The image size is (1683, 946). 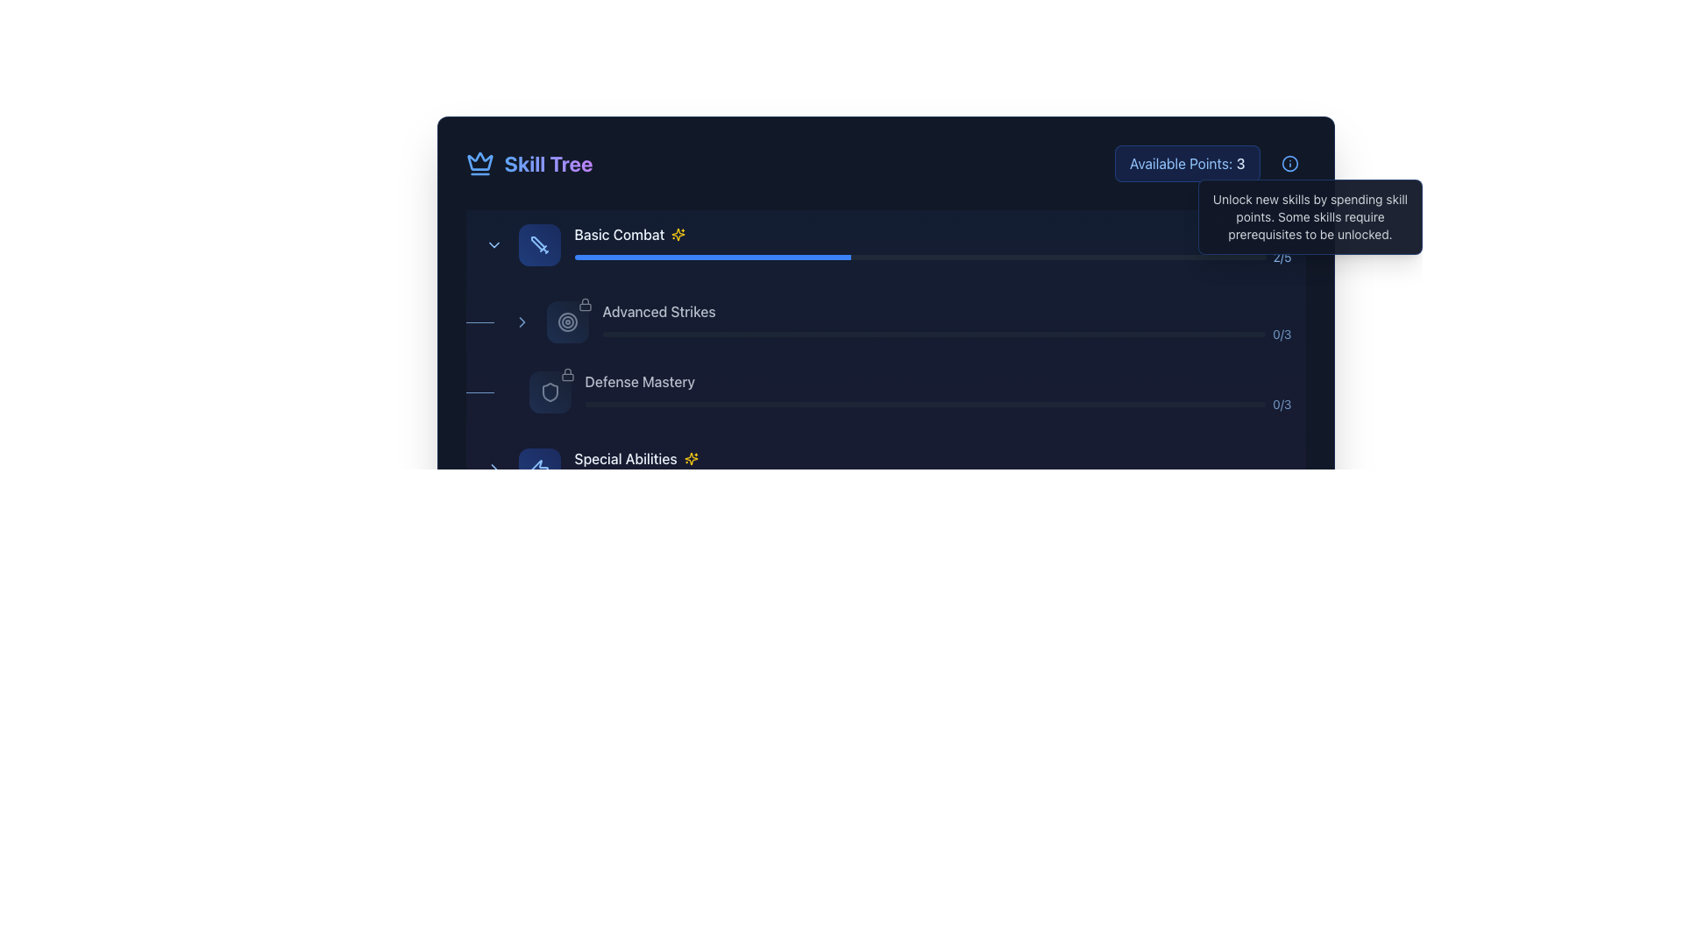 I want to click on the graphical icon resembling a sword, which is part of the 'Basic Combat' skill representation in the skill tree interface, so click(x=536, y=244).